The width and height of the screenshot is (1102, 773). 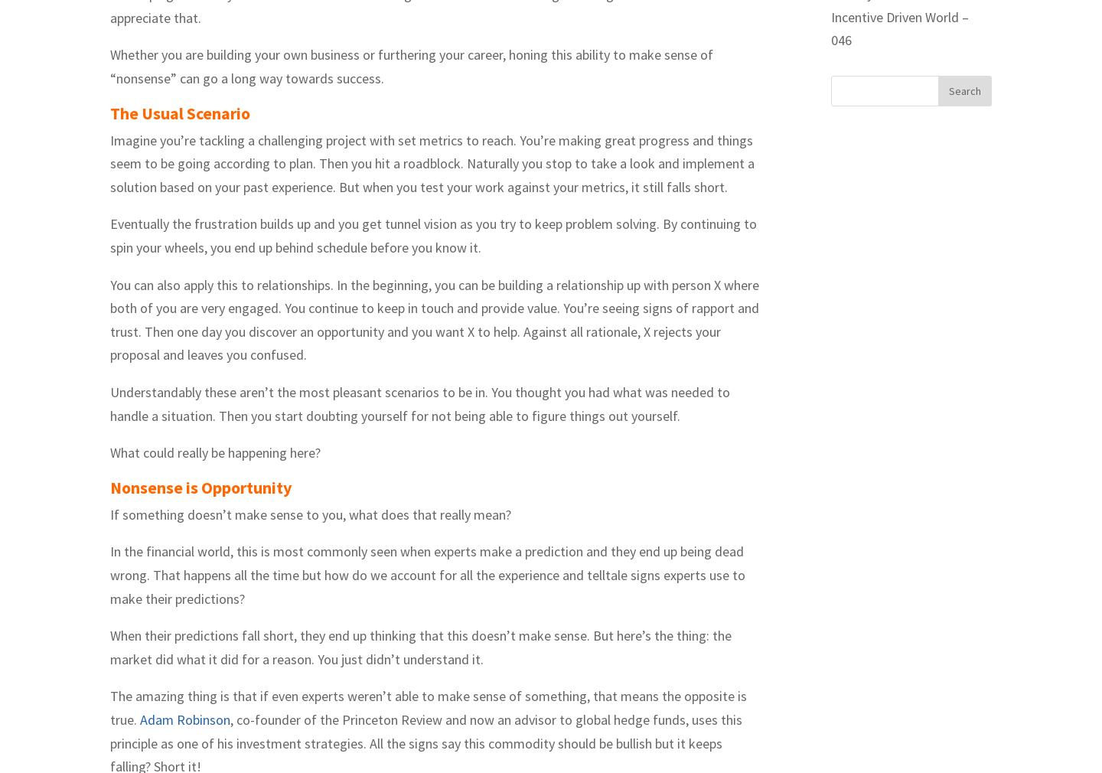 I want to click on 'What could really be happening here?', so click(x=214, y=452).